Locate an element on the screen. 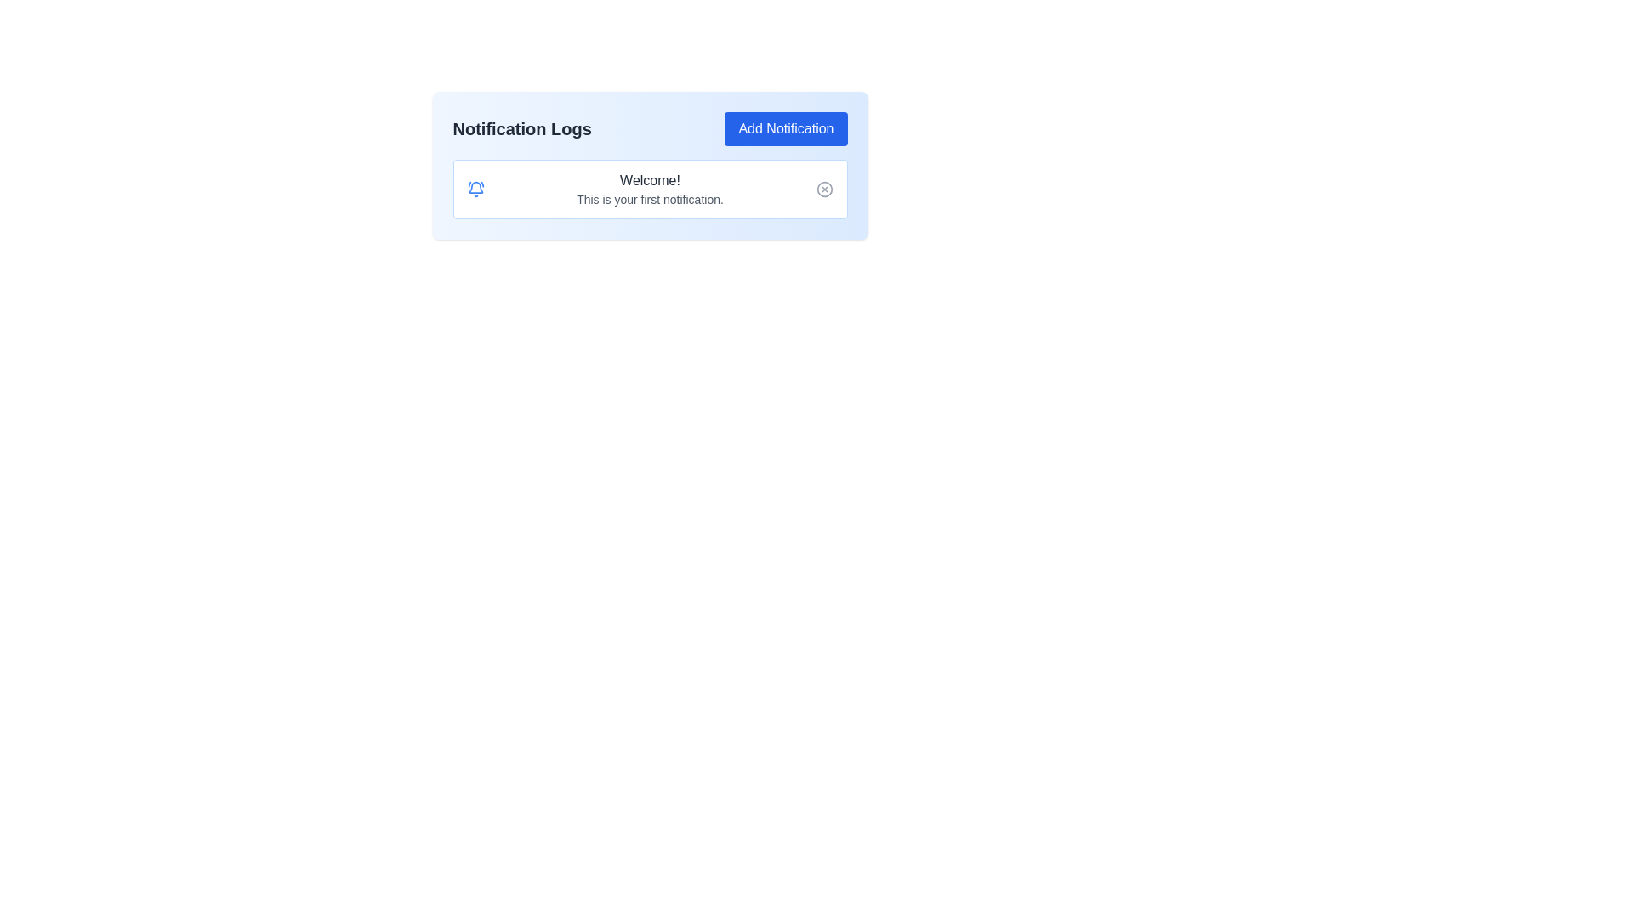 This screenshot has height=918, width=1633. the greeting message text label that serves as the heading for the notification section, positioned centrally above the sibling text element is located at coordinates (649, 180).